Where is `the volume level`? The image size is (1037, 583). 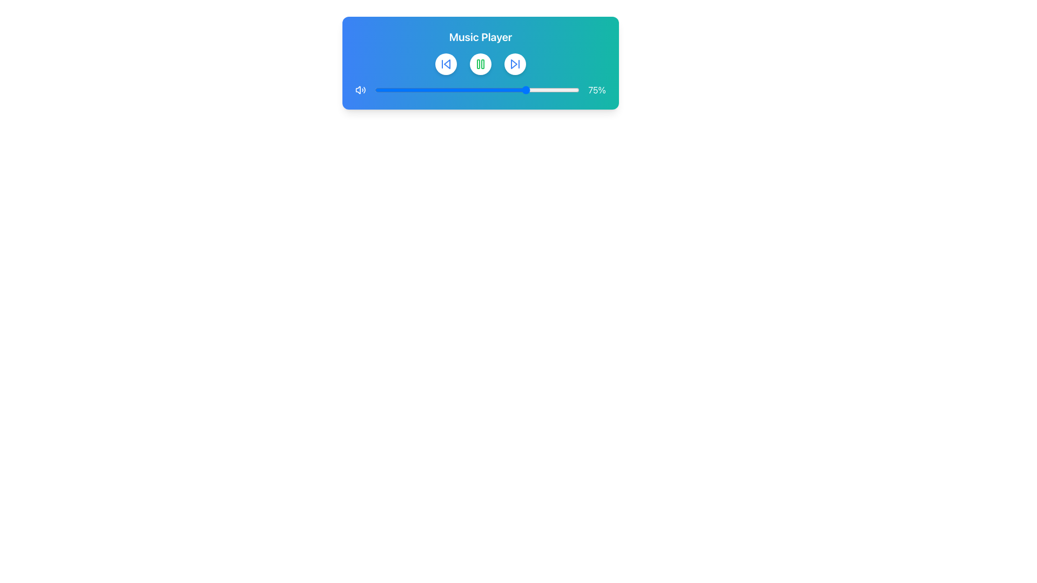 the volume level is located at coordinates (505, 89).